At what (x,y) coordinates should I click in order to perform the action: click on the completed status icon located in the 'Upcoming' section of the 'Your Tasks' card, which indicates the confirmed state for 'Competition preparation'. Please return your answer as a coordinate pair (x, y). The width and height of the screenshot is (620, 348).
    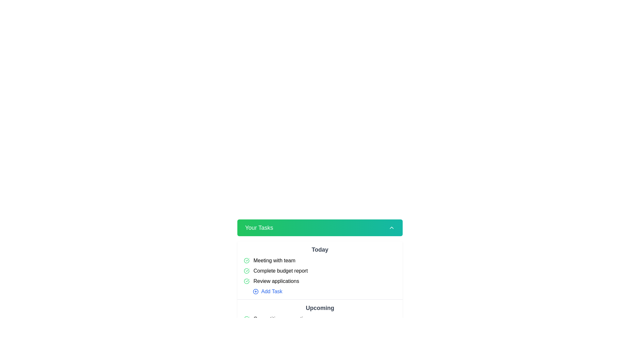
    Looking at the image, I should click on (246, 319).